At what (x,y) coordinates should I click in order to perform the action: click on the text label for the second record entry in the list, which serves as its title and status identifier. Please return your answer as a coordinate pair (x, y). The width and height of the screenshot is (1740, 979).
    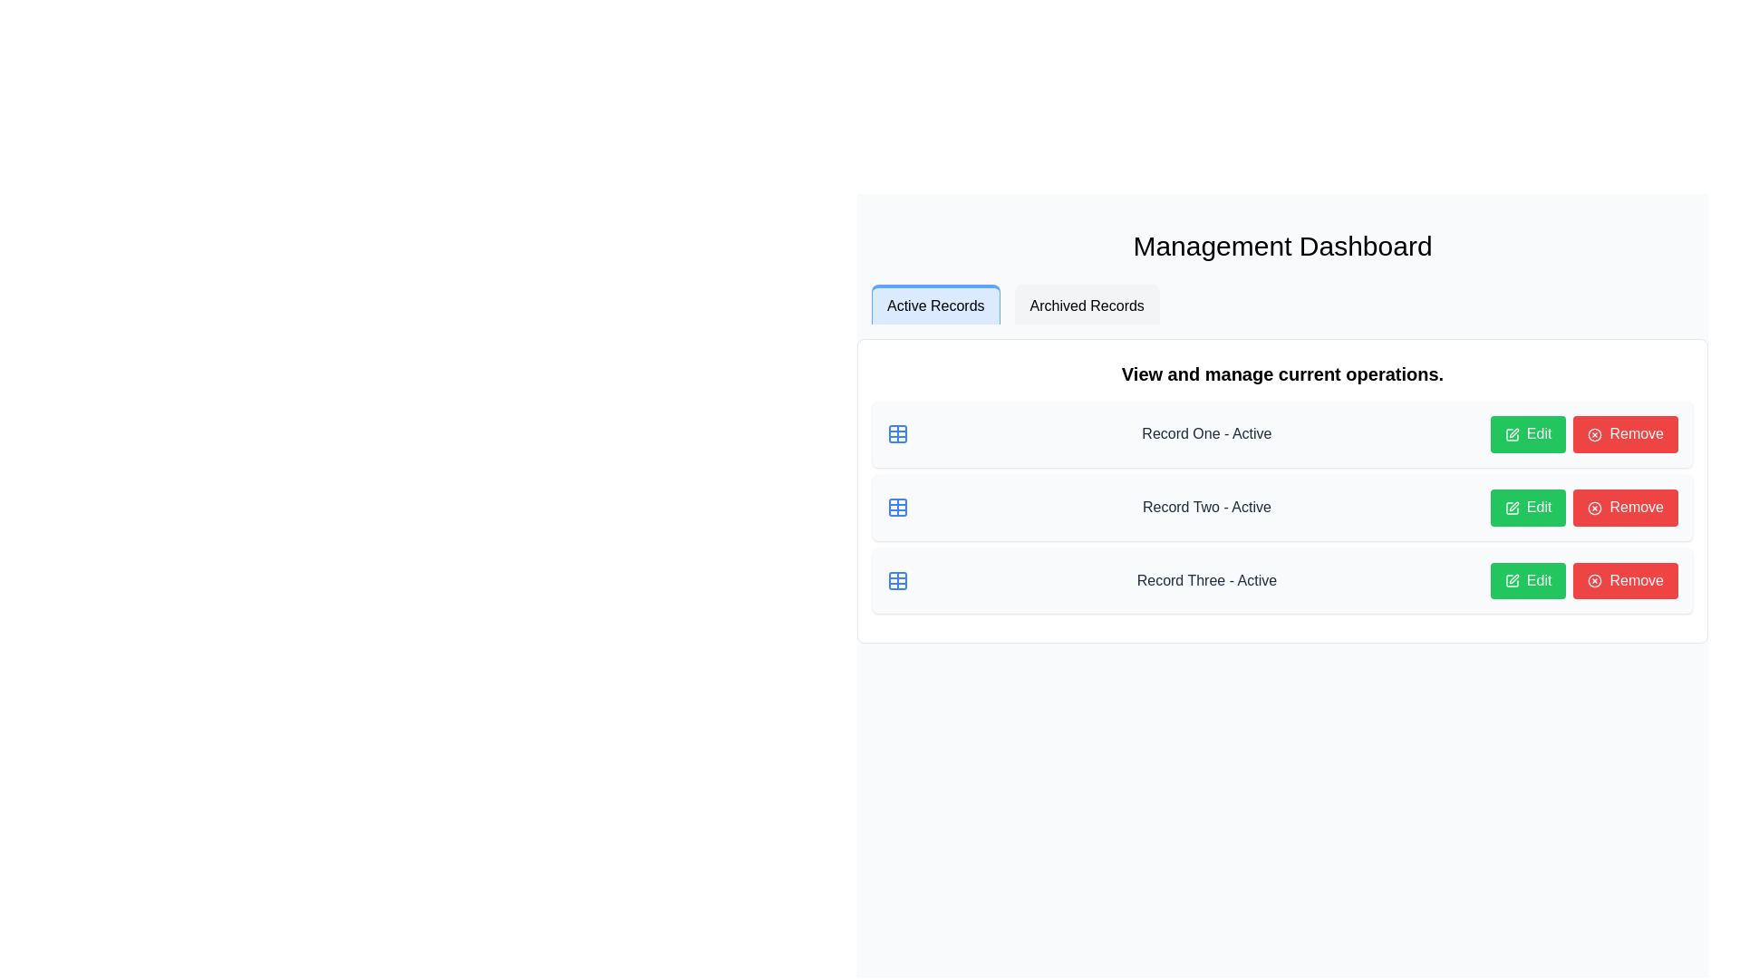
    Looking at the image, I should click on (1206, 508).